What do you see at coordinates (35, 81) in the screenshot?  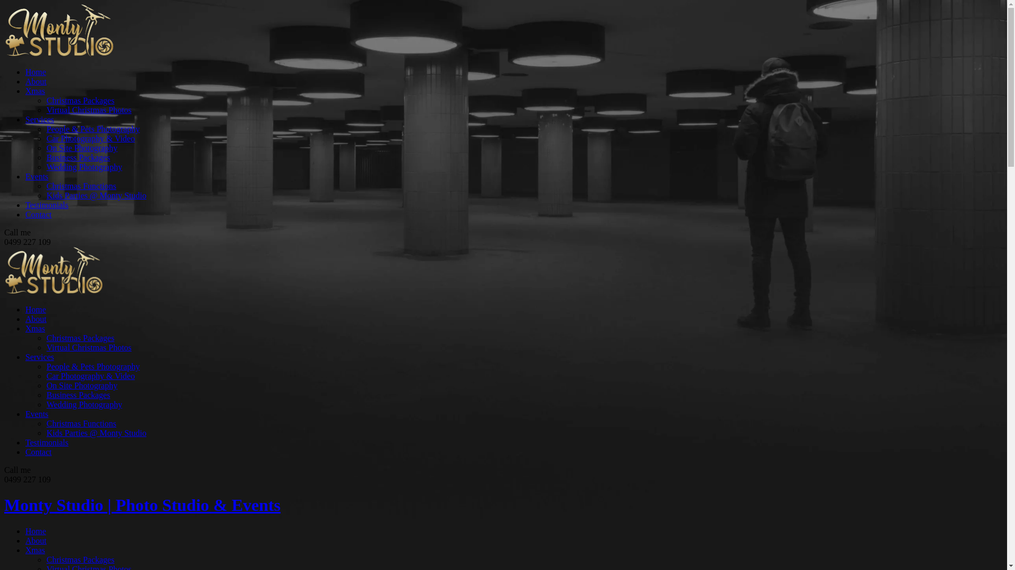 I see `'About'` at bounding box center [35, 81].